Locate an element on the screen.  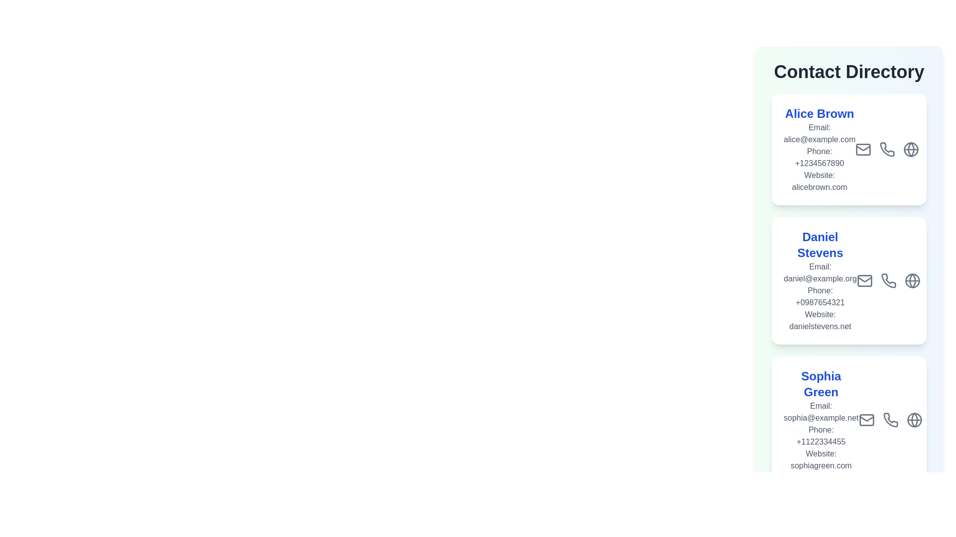
the contact's email icon to view details is located at coordinates (862, 149).